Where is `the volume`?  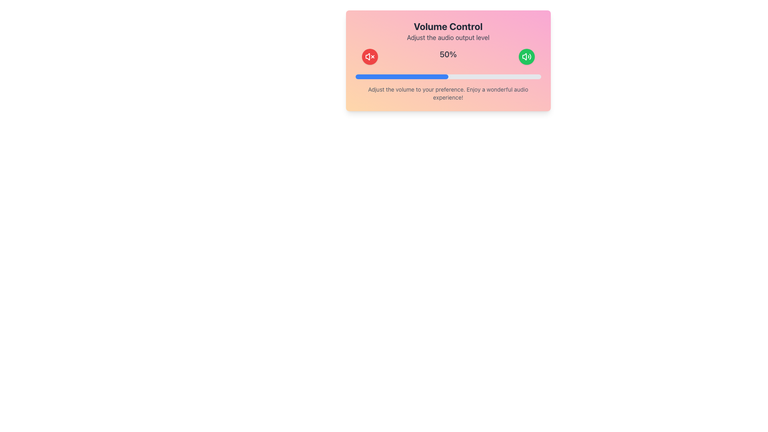 the volume is located at coordinates (427, 77).